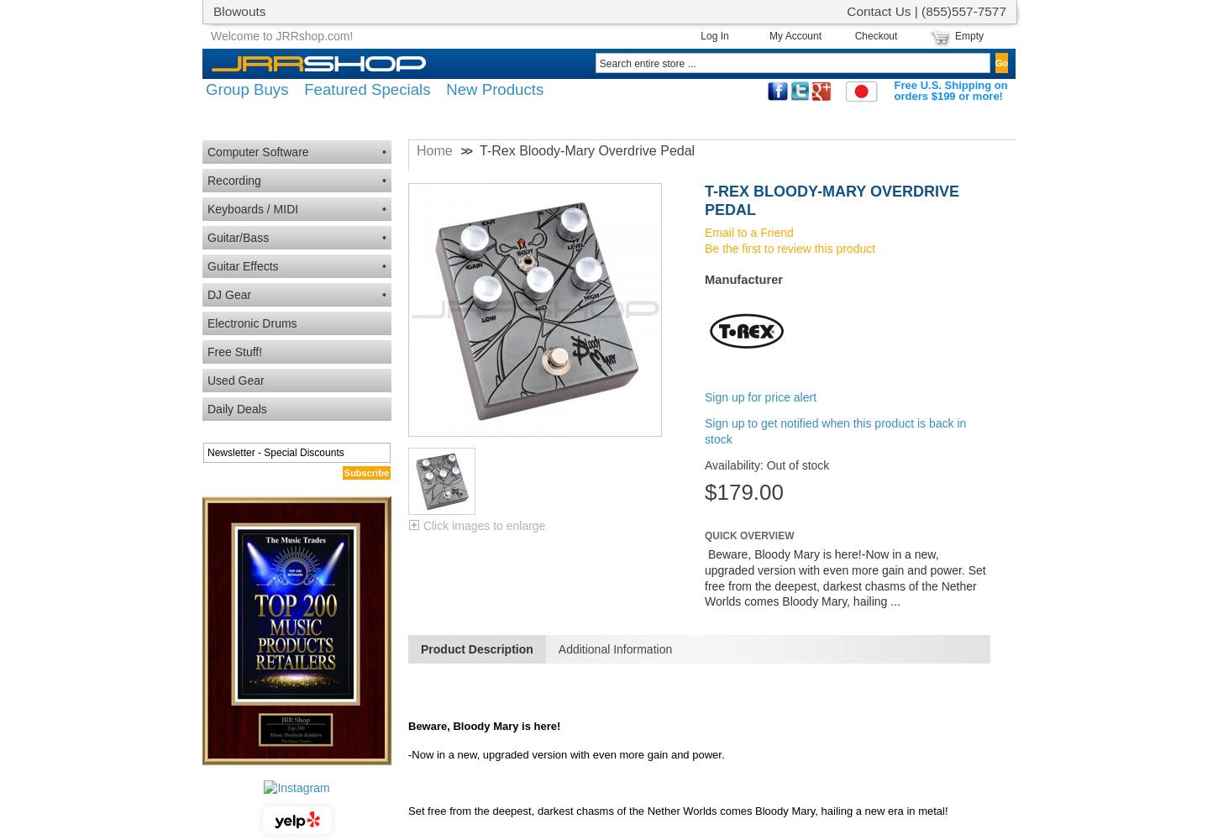 This screenshot has width=1218, height=840. What do you see at coordinates (953, 36) in the screenshot?
I see `'Empty'` at bounding box center [953, 36].